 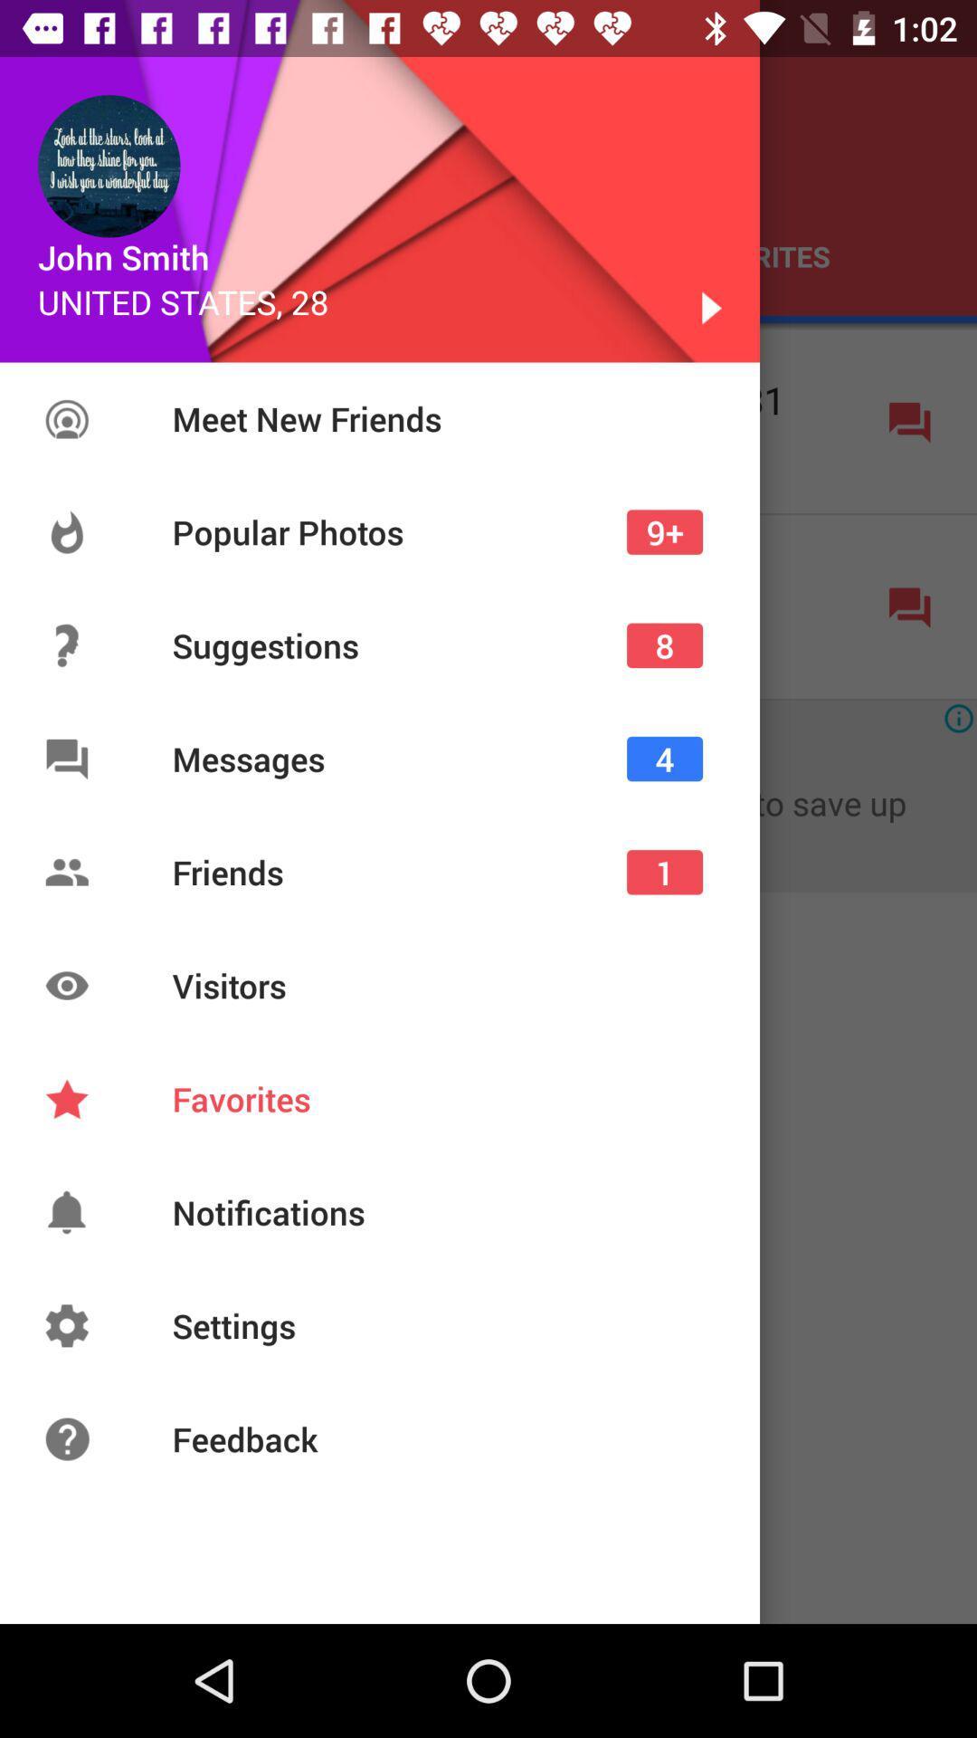 What do you see at coordinates (910, 607) in the screenshot?
I see `the icon present in right of second row` at bounding box center [910, 607].